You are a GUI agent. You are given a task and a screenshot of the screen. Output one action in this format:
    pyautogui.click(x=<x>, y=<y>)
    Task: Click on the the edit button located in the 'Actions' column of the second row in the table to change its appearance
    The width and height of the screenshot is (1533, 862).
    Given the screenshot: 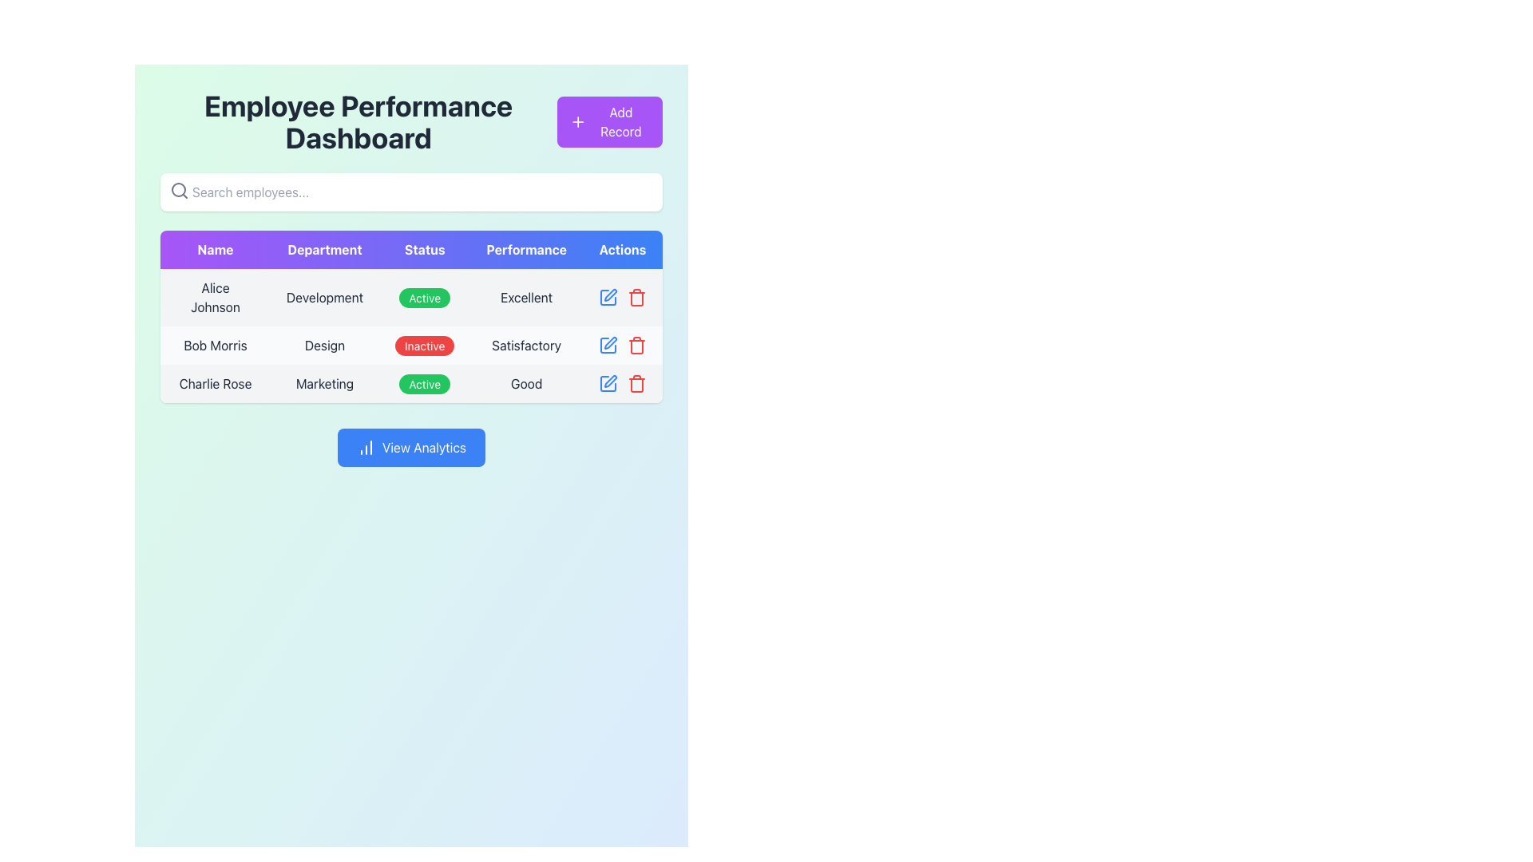 What is the action you would take?
    pyautogui.click(x=608, y=344)
    